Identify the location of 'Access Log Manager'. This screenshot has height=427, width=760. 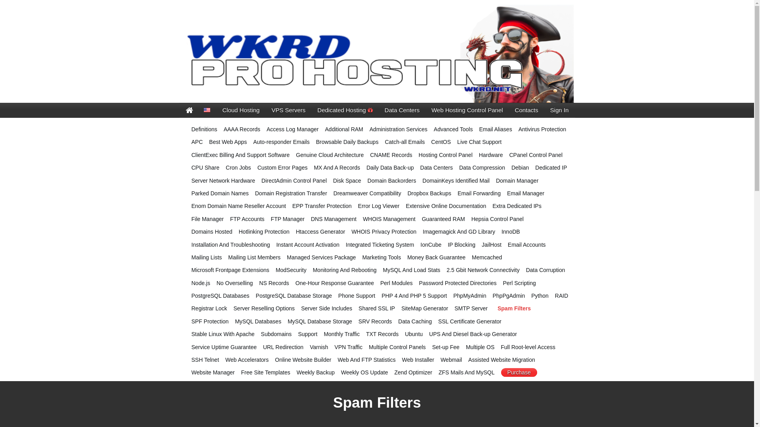
(292, 129).